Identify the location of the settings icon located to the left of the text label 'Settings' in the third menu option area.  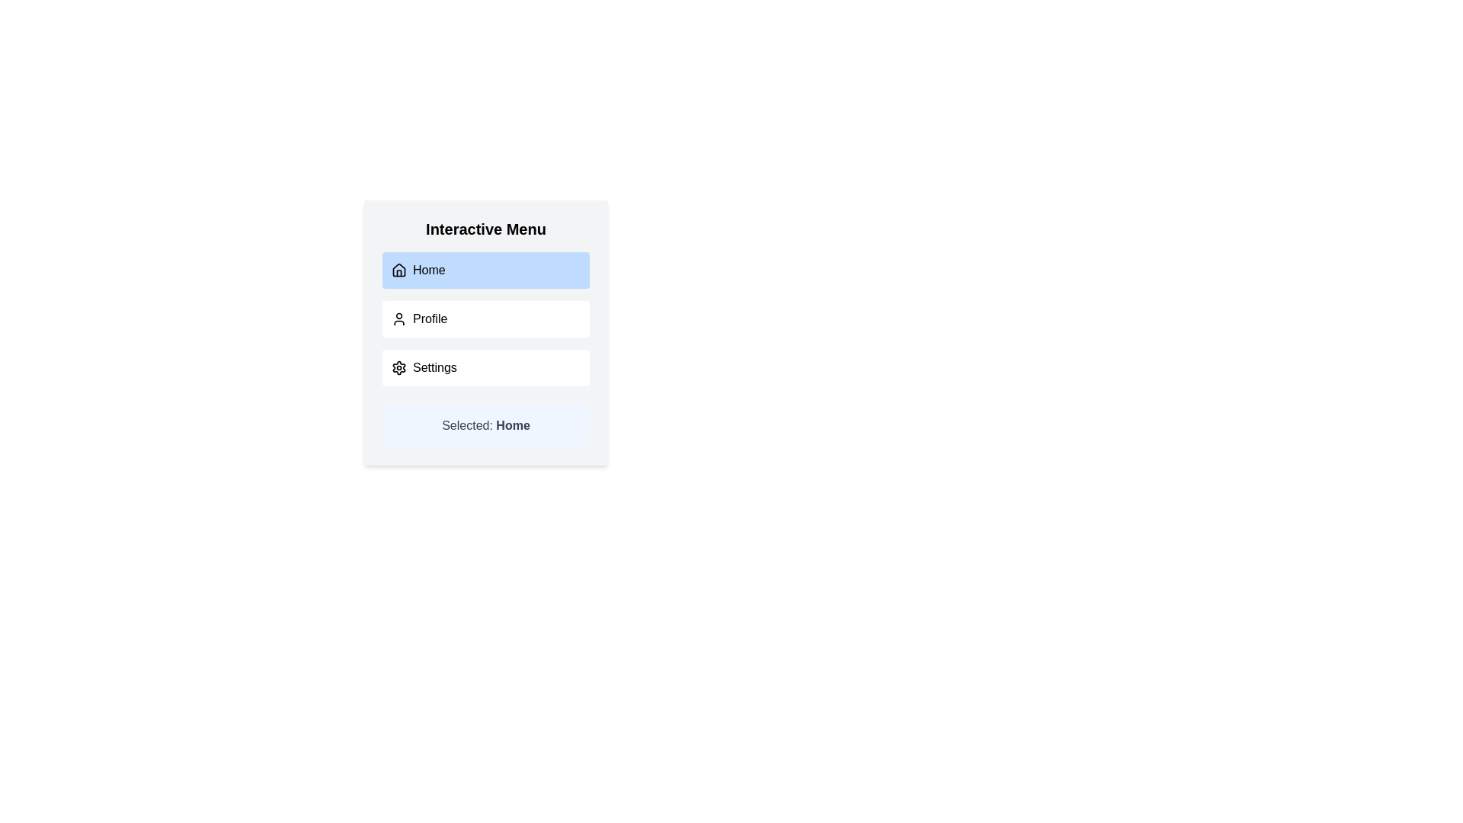
(399, 367).